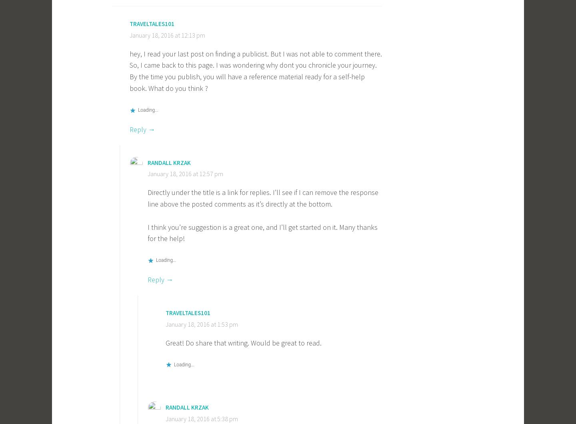  What do you see at coordinates (262, 232) in the screenshot?
I see `'I think you’re suggestion is a great one, and I’ll get started on it.  Many thanks for the help!'` at bounding box center [262, 232].